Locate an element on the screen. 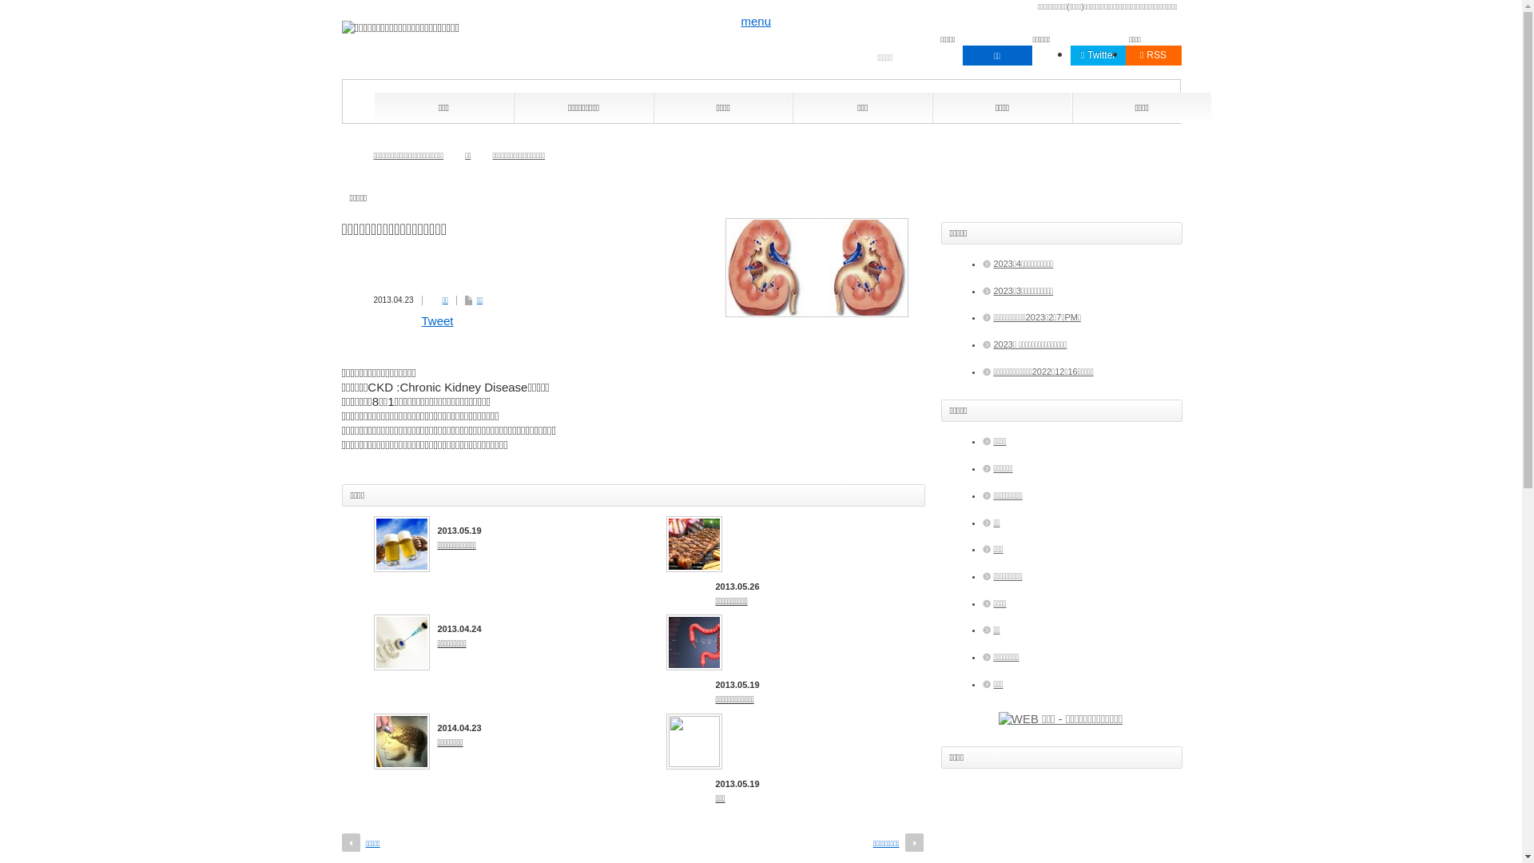 The width and height of the screenshot is (1534, 863). 'RSS' is located at coordinates (1153, 54).